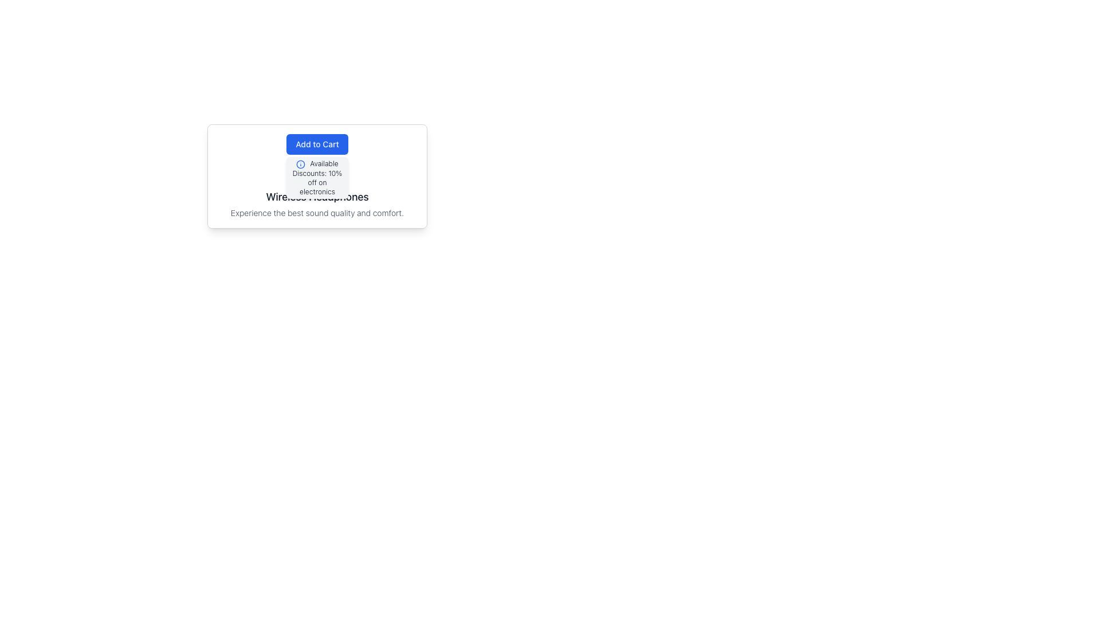  Describe the element at coordinates (317, 177) in the screenshot. I see `the tooltip with the discount offer located below the 'Add to Cart' button` at that location.